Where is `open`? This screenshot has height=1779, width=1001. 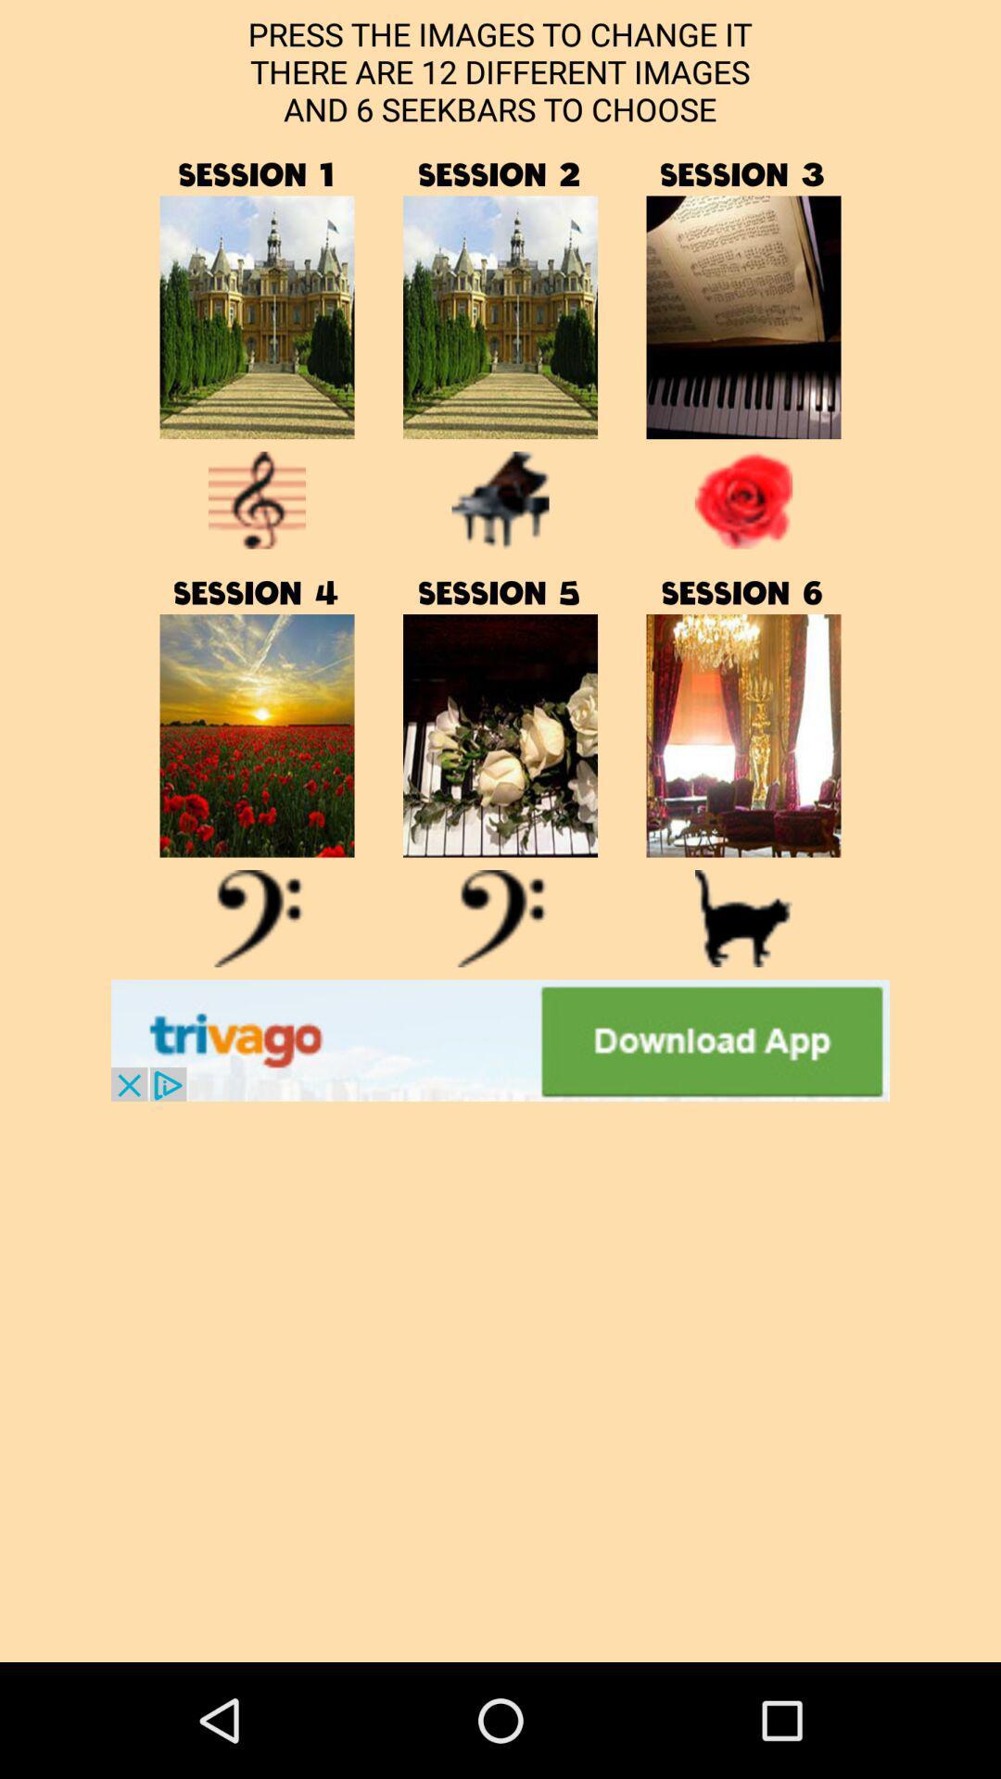 open is located at coordinates (742, 735).